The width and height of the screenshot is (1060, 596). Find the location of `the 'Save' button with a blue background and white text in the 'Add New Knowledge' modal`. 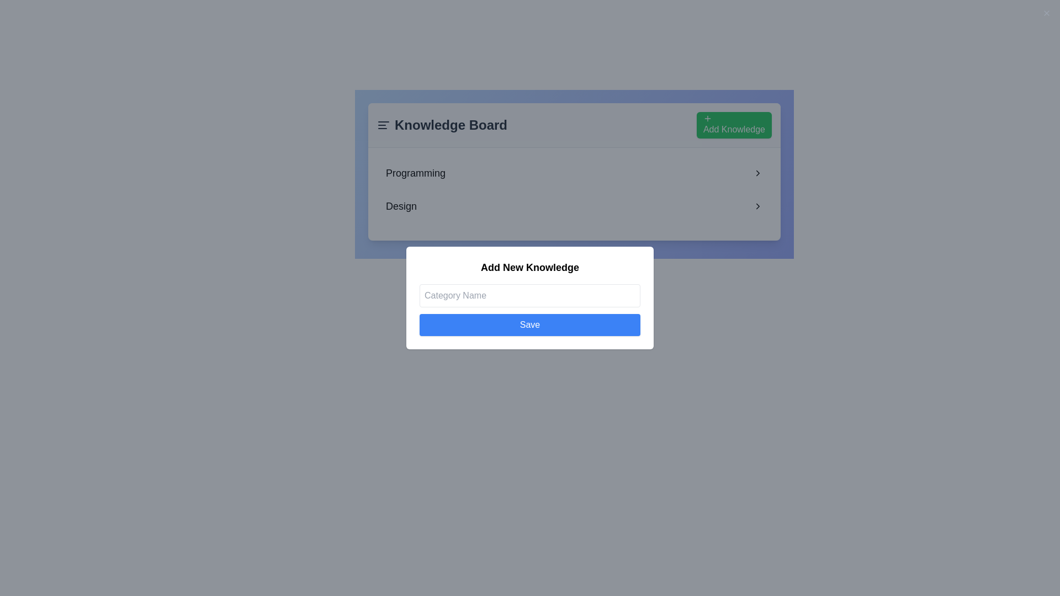

the 'Save' button with a blue background and white text in the 'Add New Knowledge' modal is located at coordinates (530, 310).